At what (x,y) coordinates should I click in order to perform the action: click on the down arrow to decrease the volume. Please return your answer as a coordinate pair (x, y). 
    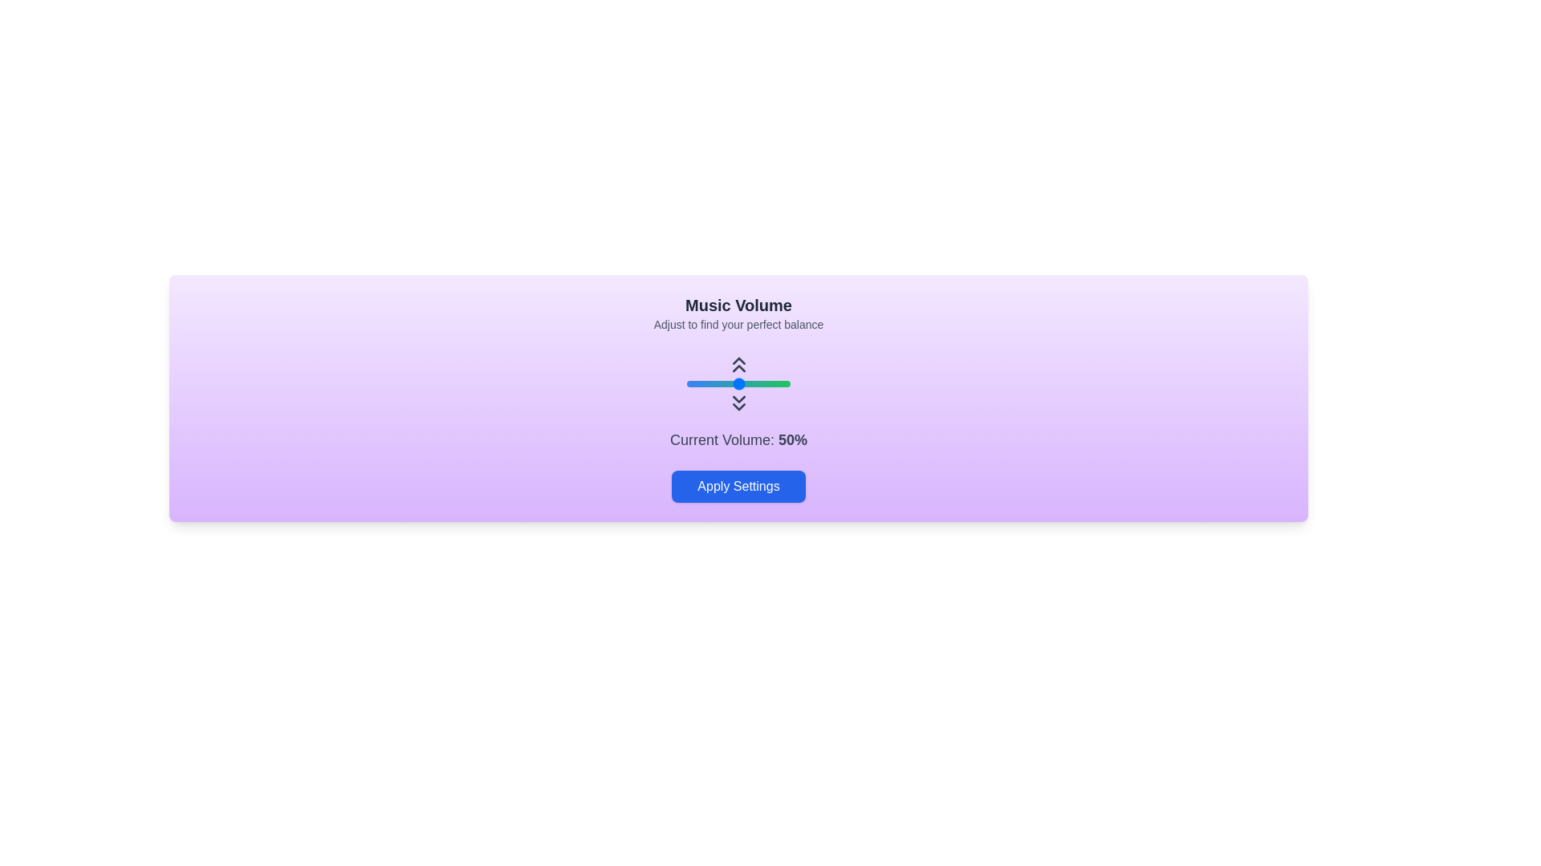
    Looking at the image, I should click on (738, 402).